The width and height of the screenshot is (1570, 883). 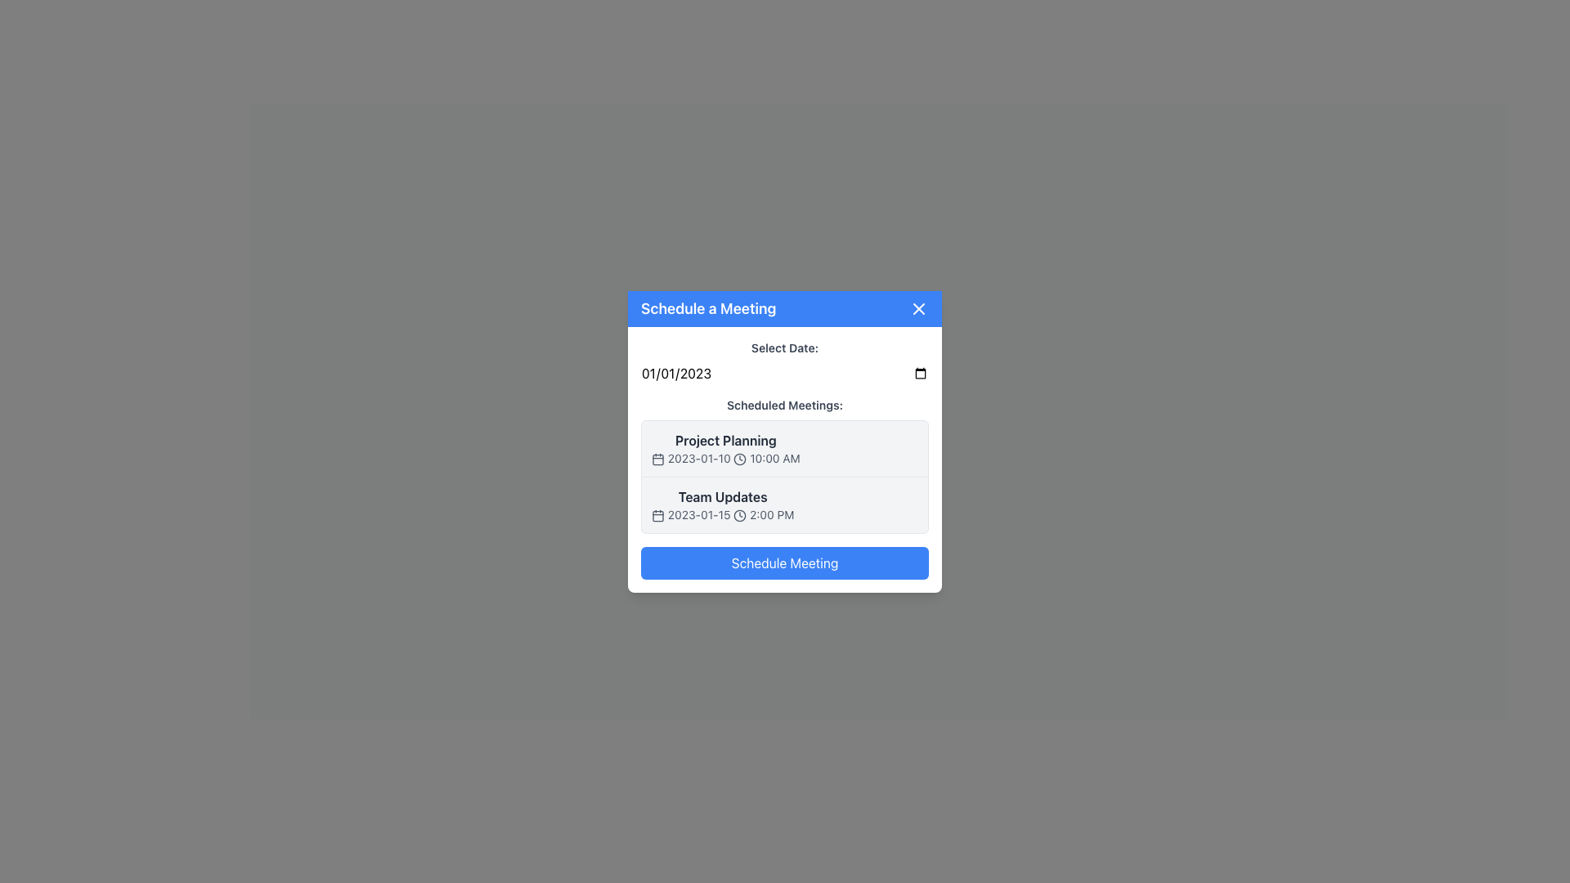 I want to click on the text label representing the title of the scheduled meeting, located above the meeting details, so click(x=724, y=439).